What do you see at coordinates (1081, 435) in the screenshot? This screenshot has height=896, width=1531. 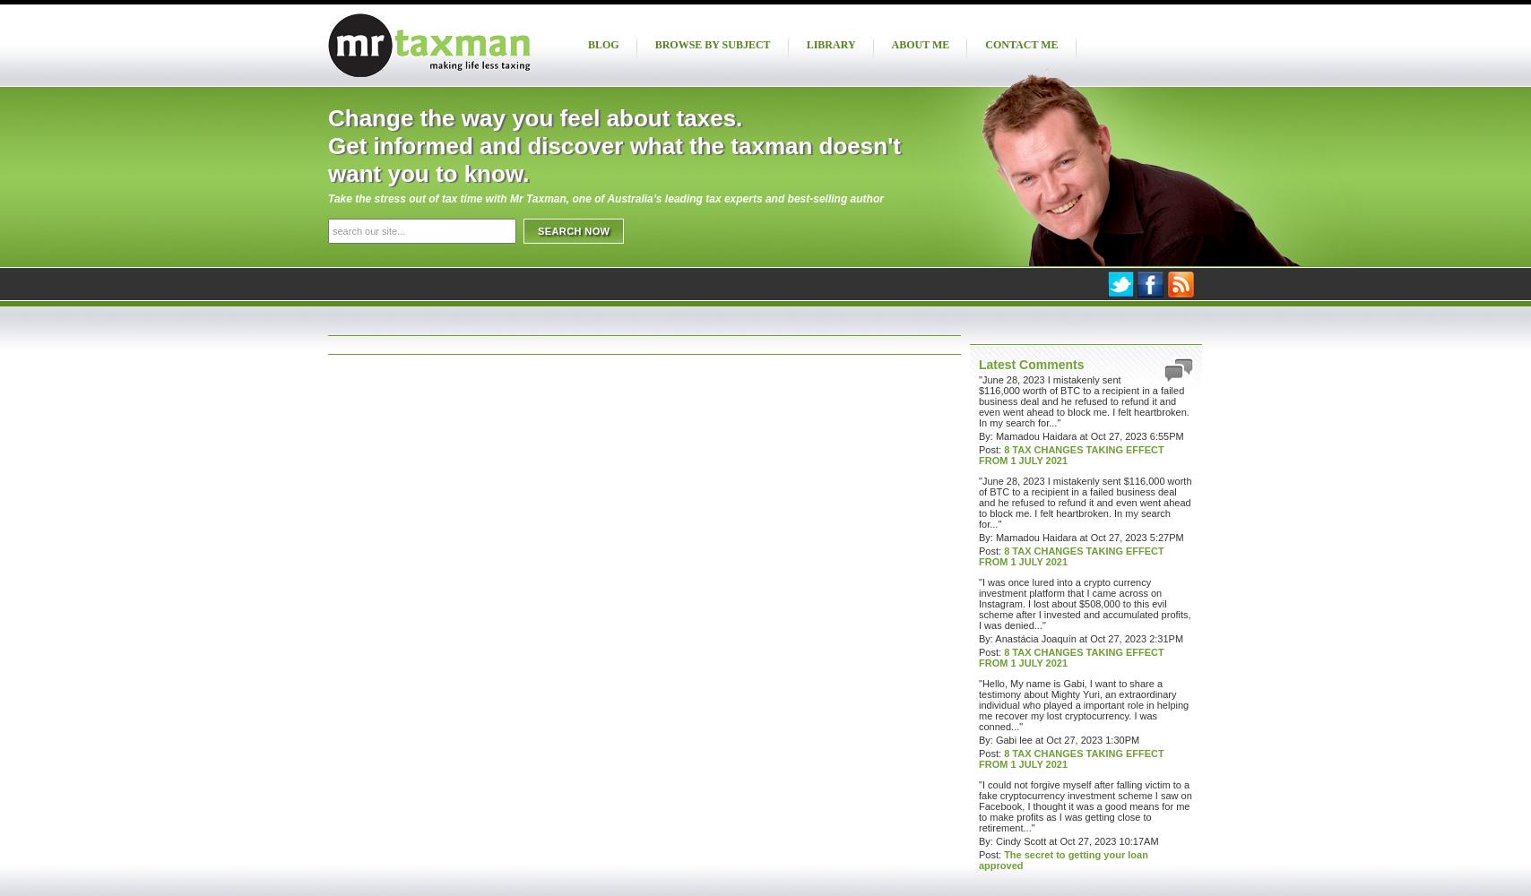 I see `'By: Mamadou Haidara at Oct 27, 2023 6:55PM'` at bounding box center [1081, 435].